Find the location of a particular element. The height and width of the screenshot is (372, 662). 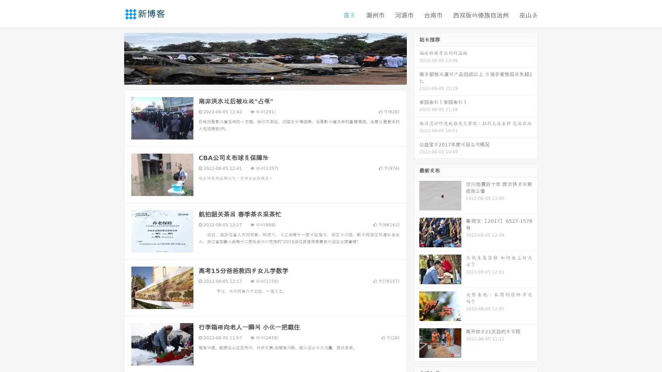

Go to slide 2 is located at coordinates (265, 77).